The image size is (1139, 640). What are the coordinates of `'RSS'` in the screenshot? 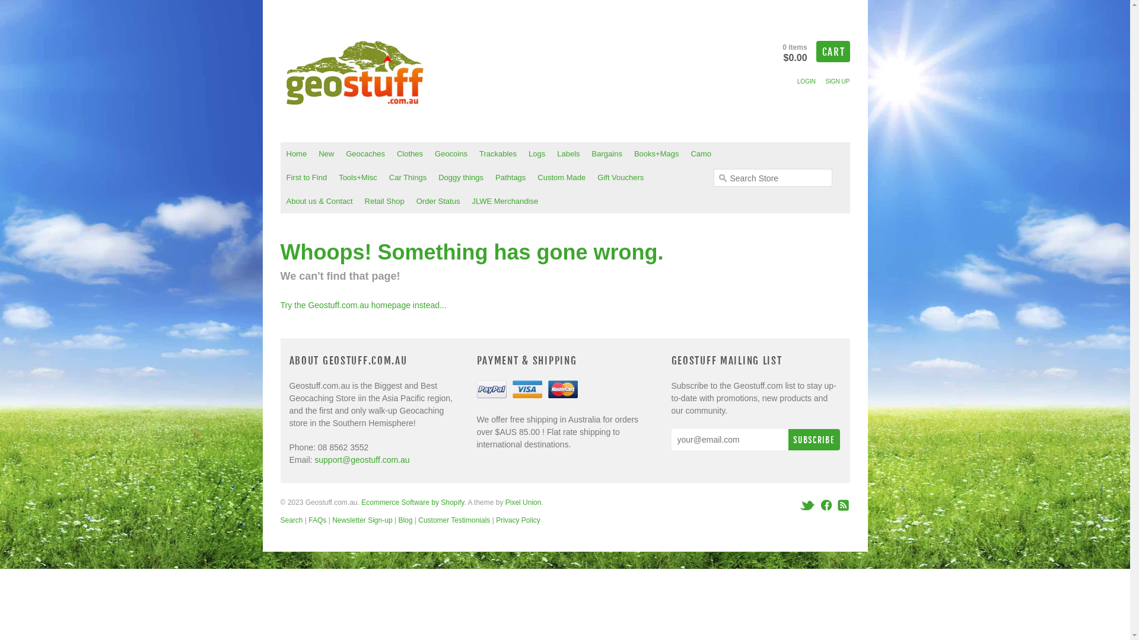 It's located at (841, 505).